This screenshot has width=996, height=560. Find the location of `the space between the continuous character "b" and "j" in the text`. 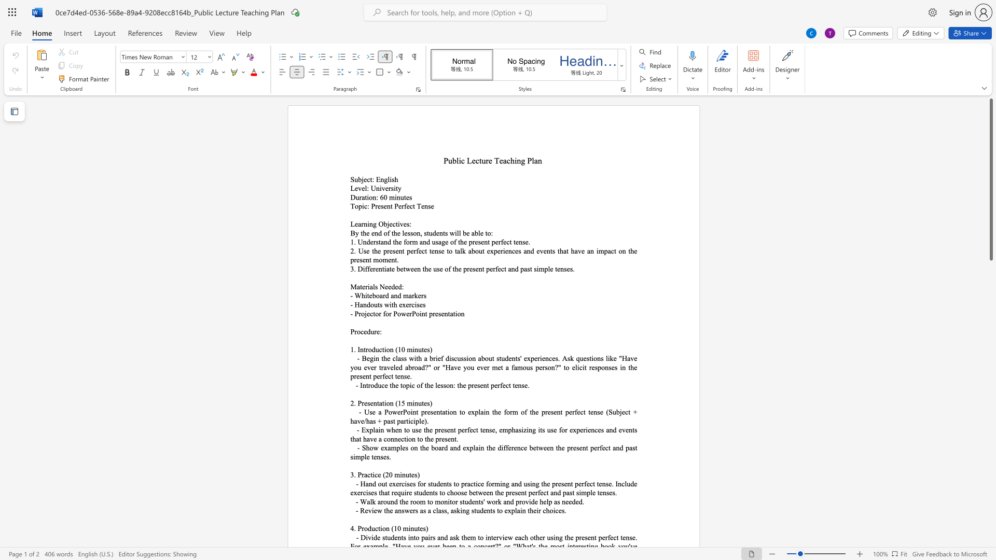

the space between the continuous character "b" and "j" in the text is located at coordinates (361, 179).